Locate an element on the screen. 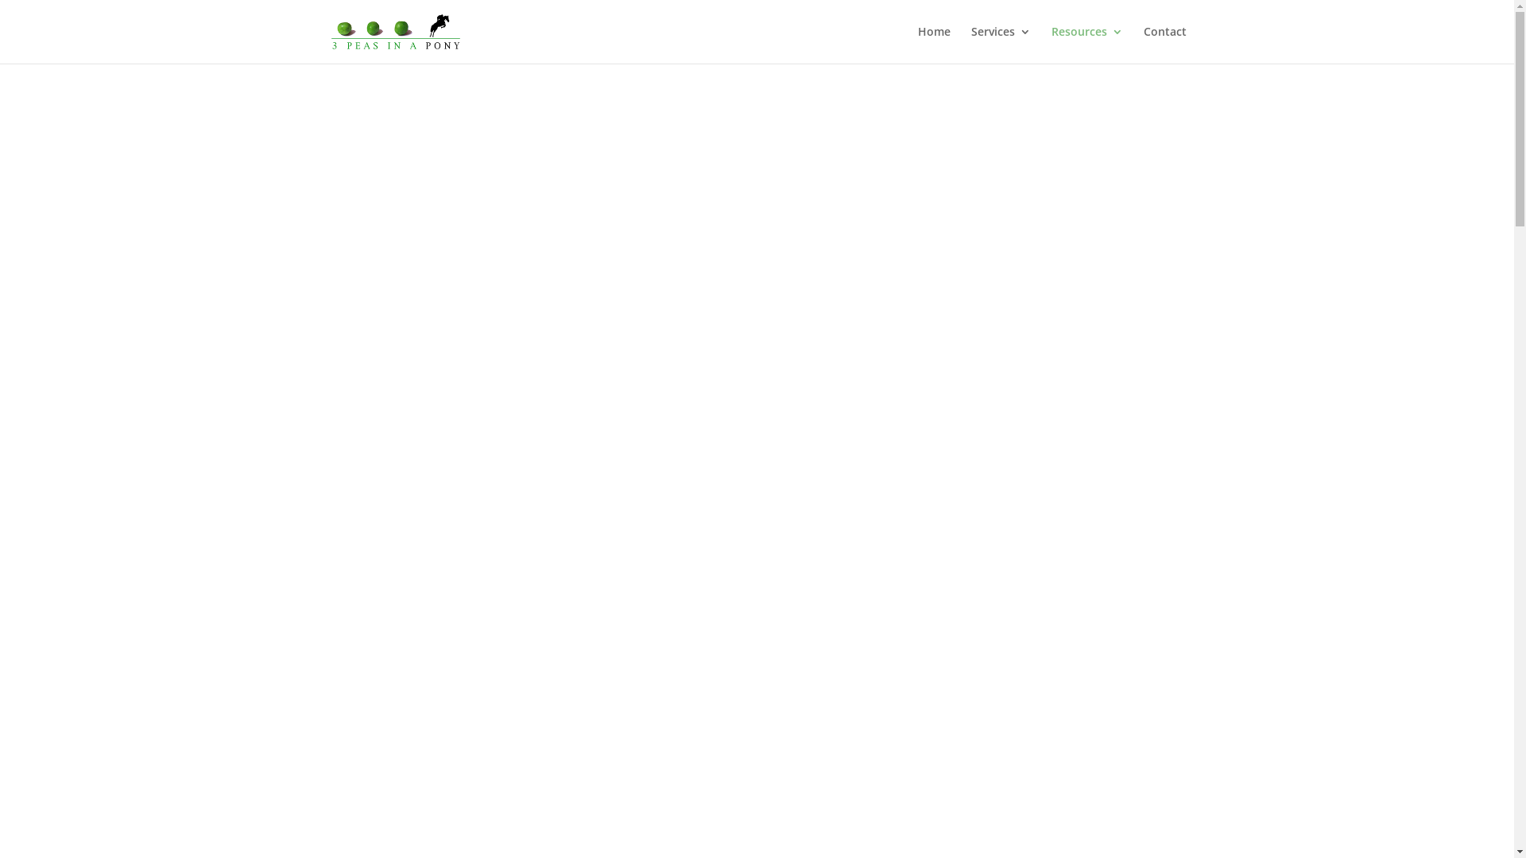  'Services' is located at coordinates (970, 44).